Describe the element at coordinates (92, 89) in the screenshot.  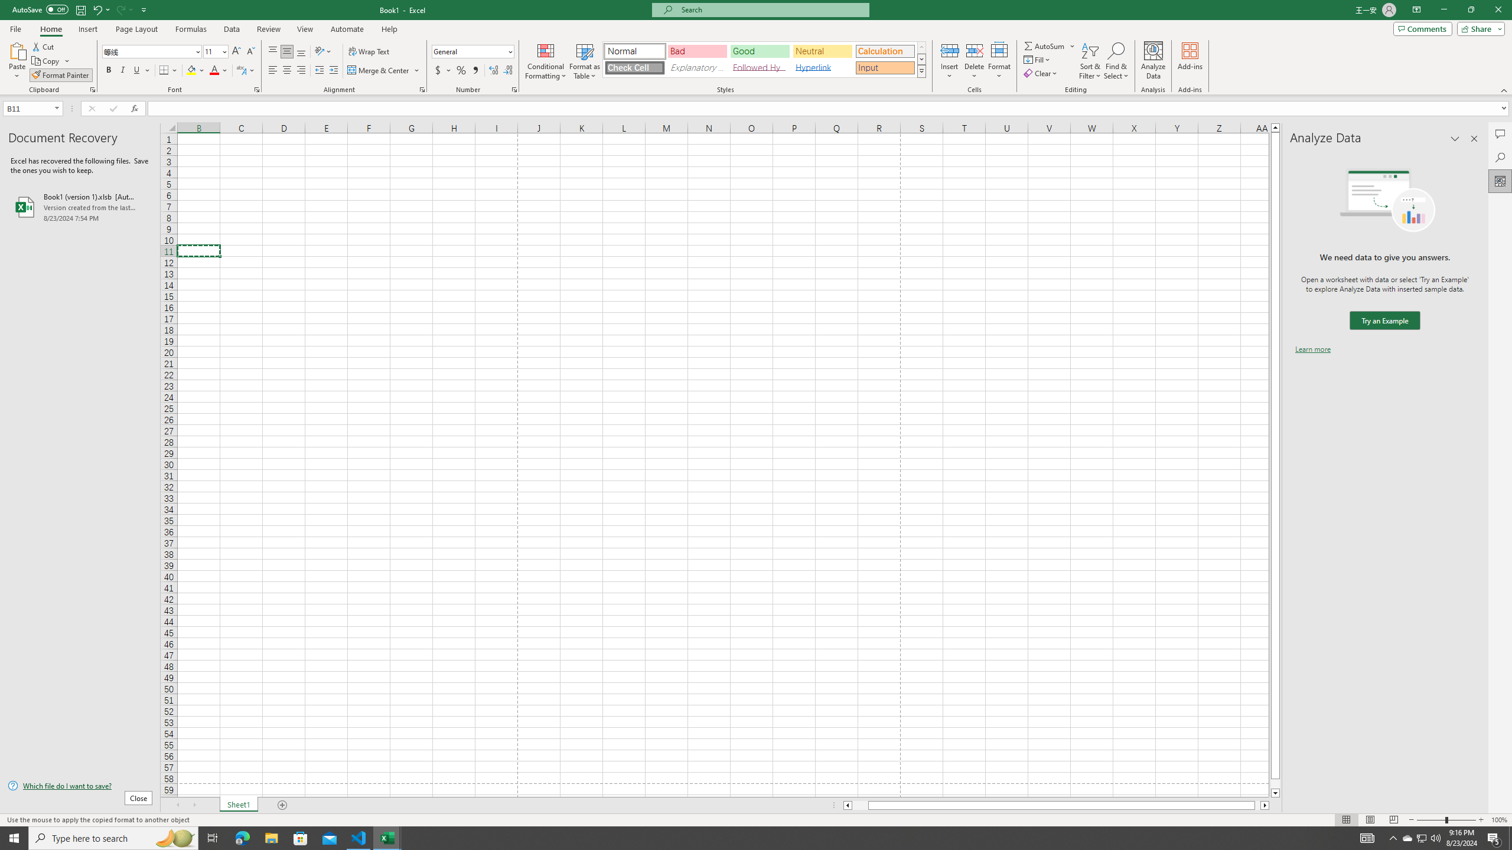
I see `'Office Clipboard...'` at that location.